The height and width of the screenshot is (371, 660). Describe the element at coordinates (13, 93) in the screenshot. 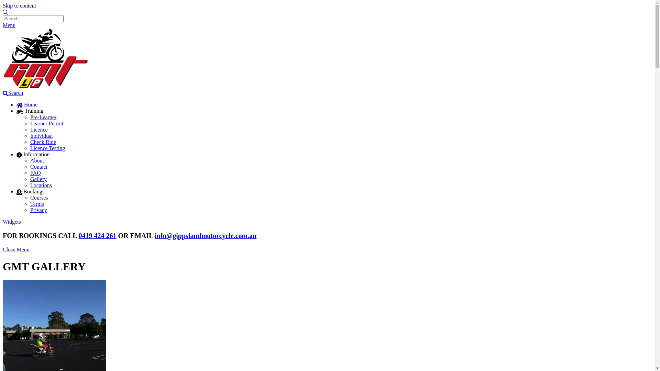

I see `'Search'` at that location.